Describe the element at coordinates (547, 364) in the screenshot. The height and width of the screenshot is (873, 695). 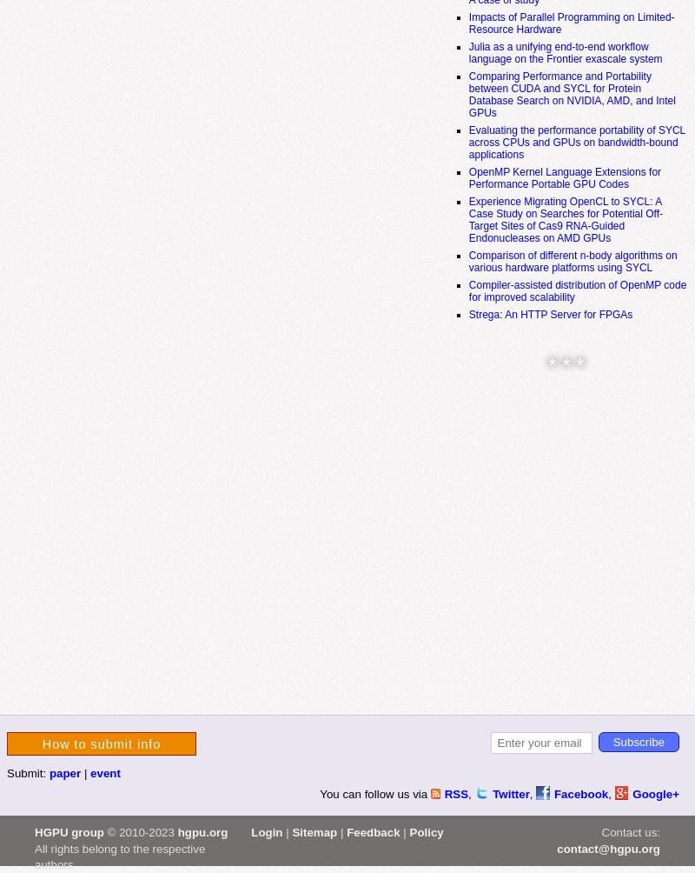
I see `'* * *'` at that location.